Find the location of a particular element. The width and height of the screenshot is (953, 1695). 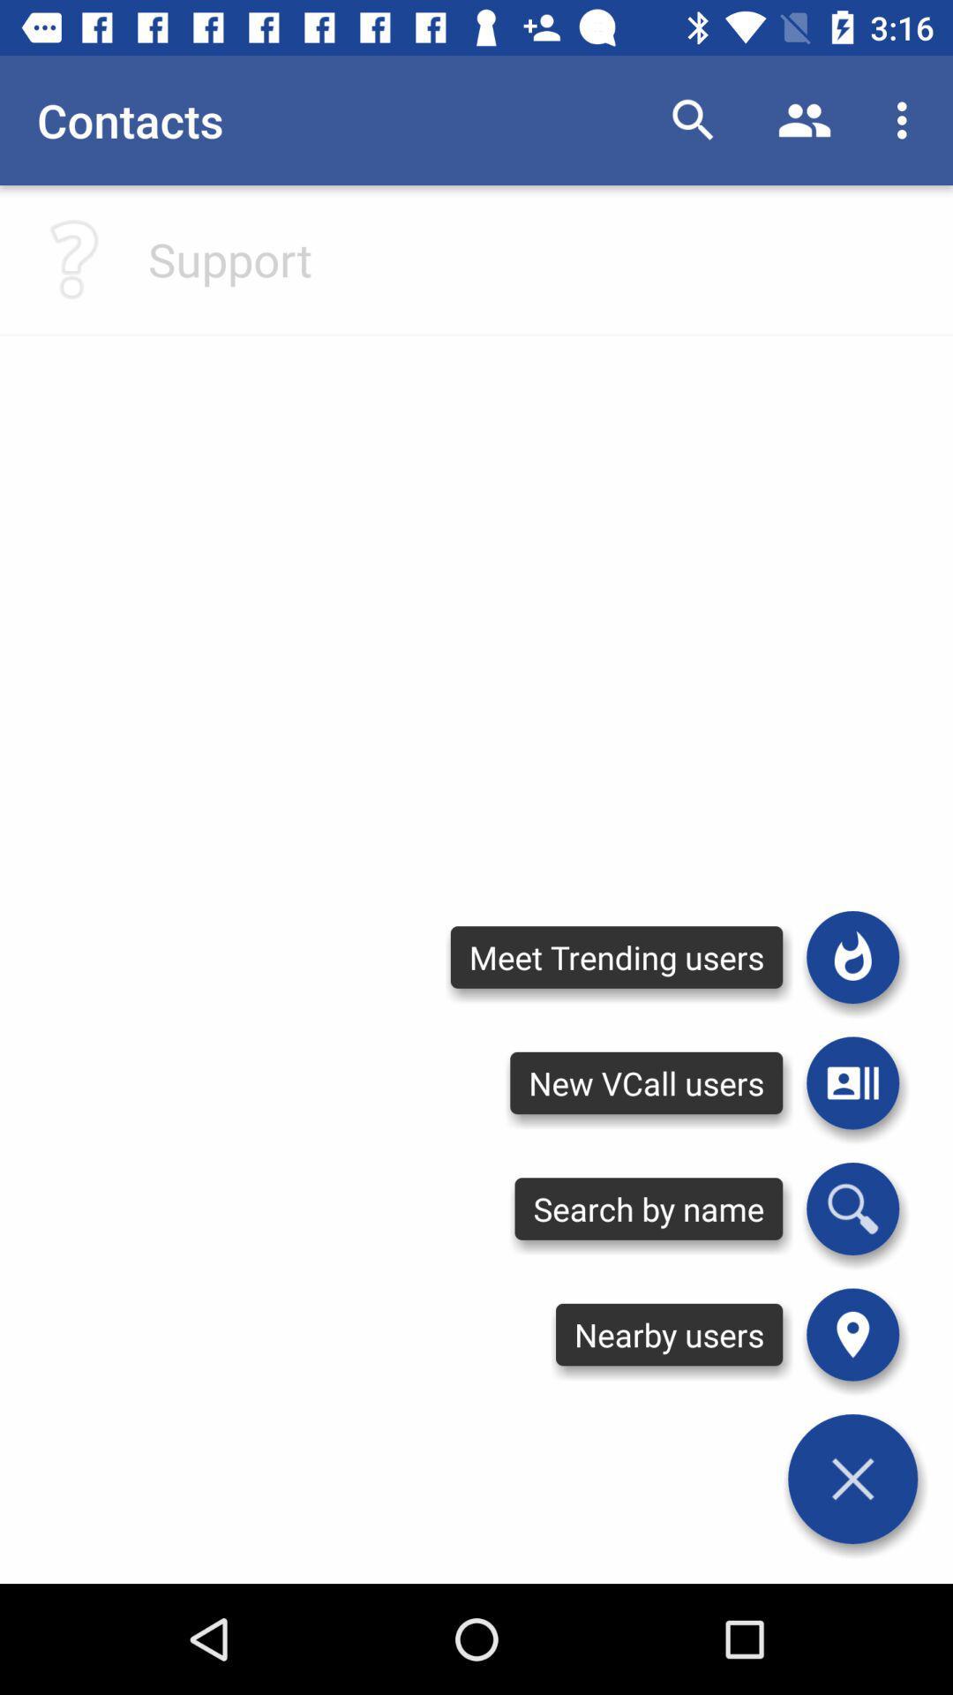

help button is located at coordinates (73, 258).